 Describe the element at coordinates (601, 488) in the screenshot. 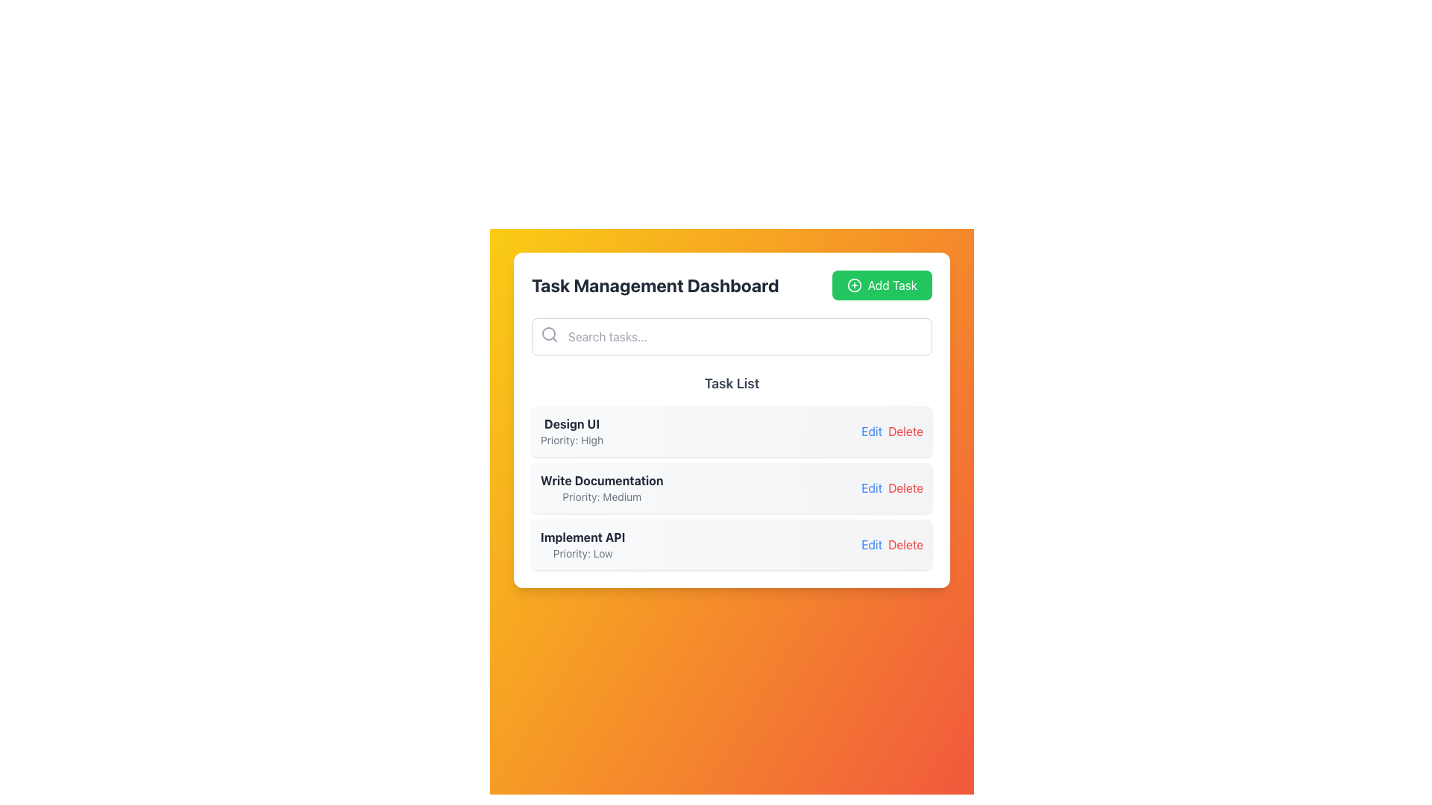

I see `the task list entry display located in the second row of the 'Task List' section` at that location.